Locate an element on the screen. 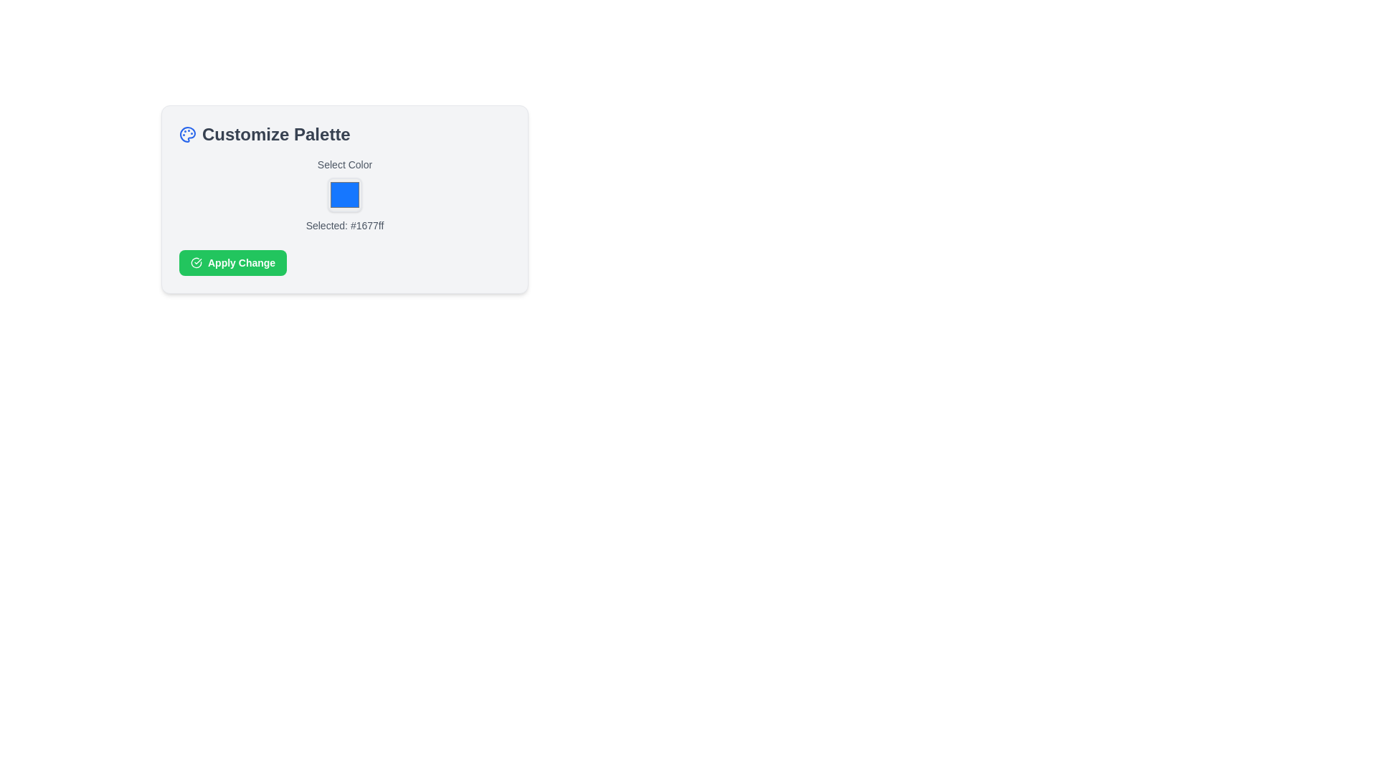 The image size is (1377, 774). the small blue painter's palette icon located to the left of the 'Customize Palette' heading is located at coordinates (187, 135).